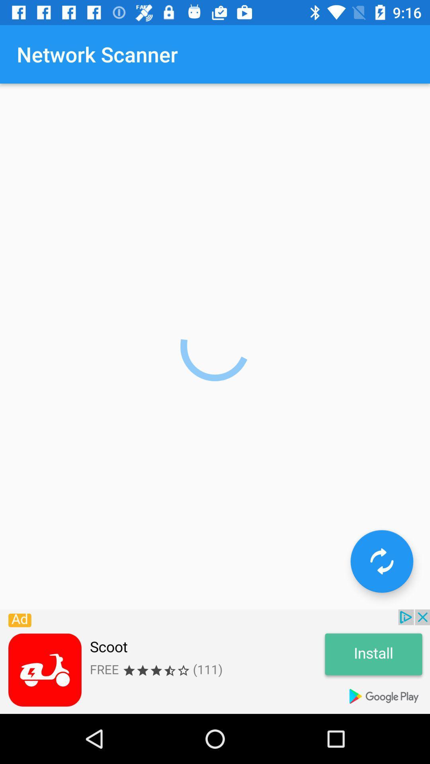 The height and width of the screenshot is (764, 430). What do you see at coordinates (215, 661) in the screenshot?
I see `advertisement for google play store app scoot rated 3 1/2 stars clickable install button` at bounding box center [215, 661].